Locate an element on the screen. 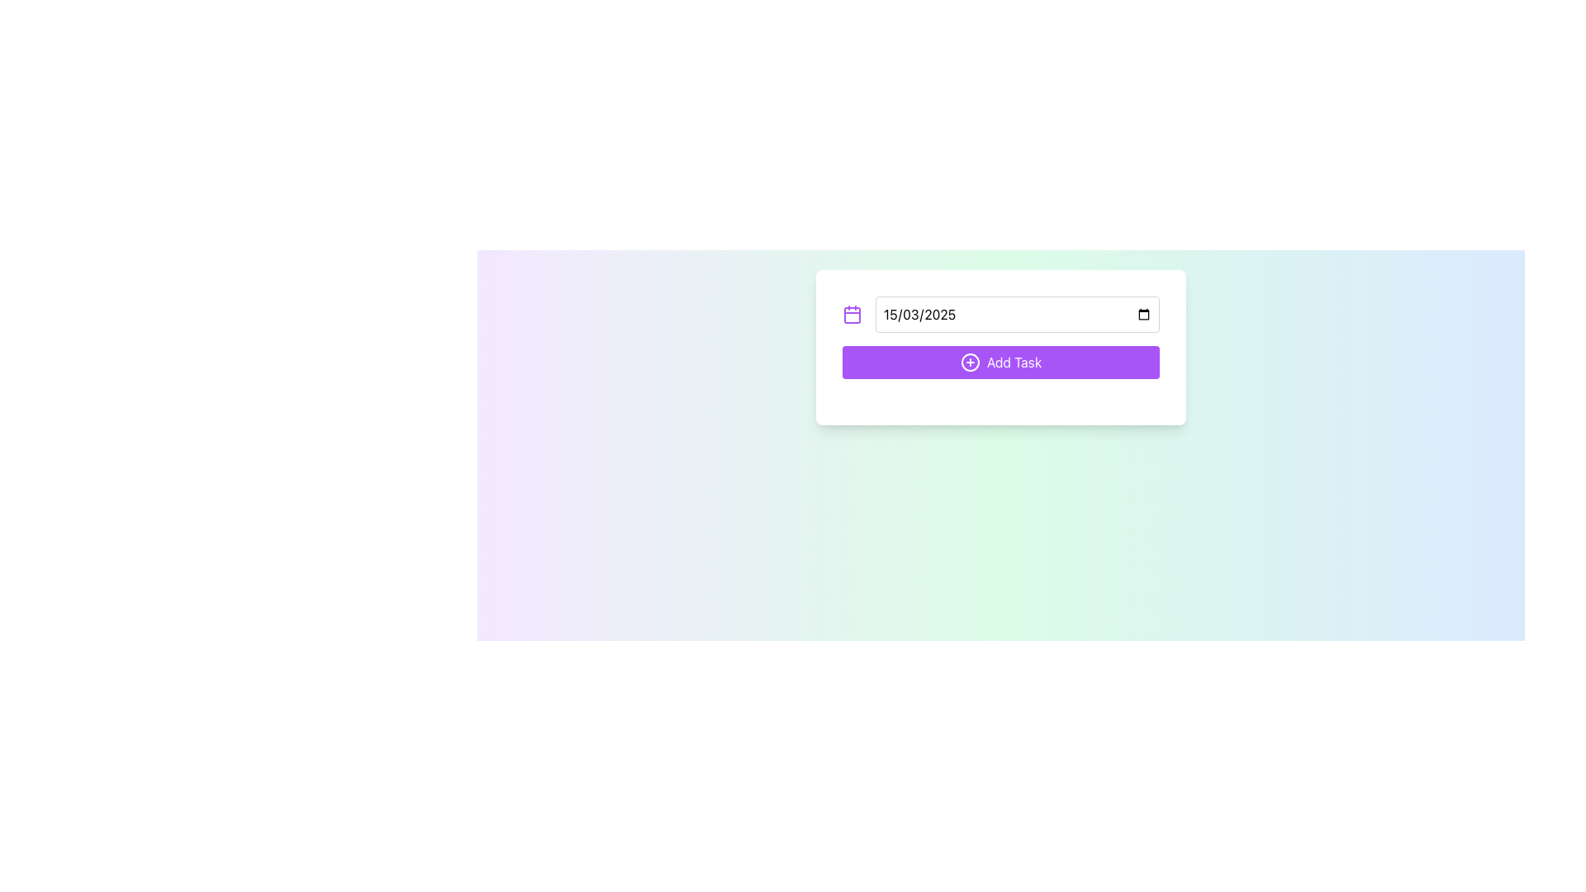  the 'Add Task' icon located to the left of the text label within the purple rectangular button is located at coordinates (970, 362).